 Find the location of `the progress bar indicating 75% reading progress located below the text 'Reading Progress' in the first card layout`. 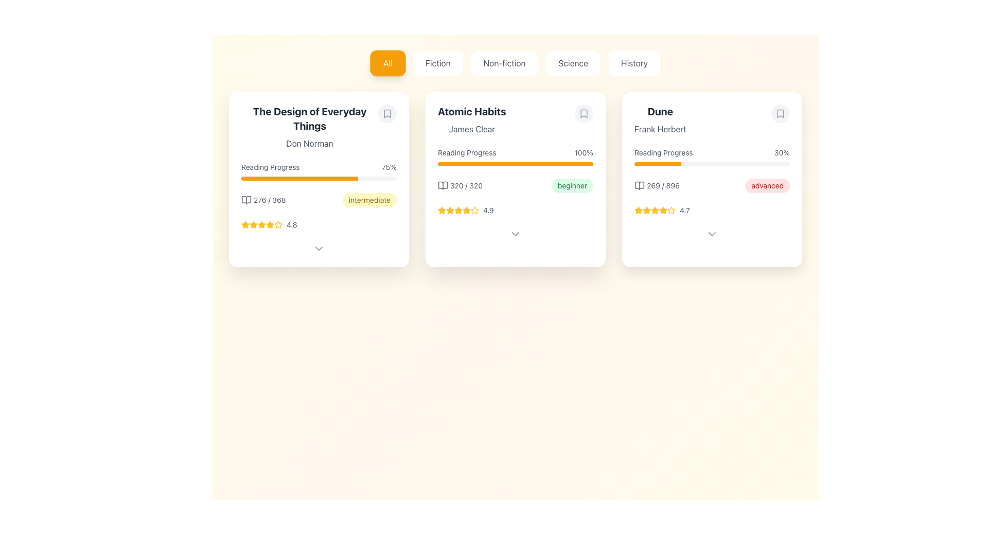

the progress bar indicating 75% reading progress located below the text 'Reading Progress' in the first card layout is located at coordinates (318, 178).